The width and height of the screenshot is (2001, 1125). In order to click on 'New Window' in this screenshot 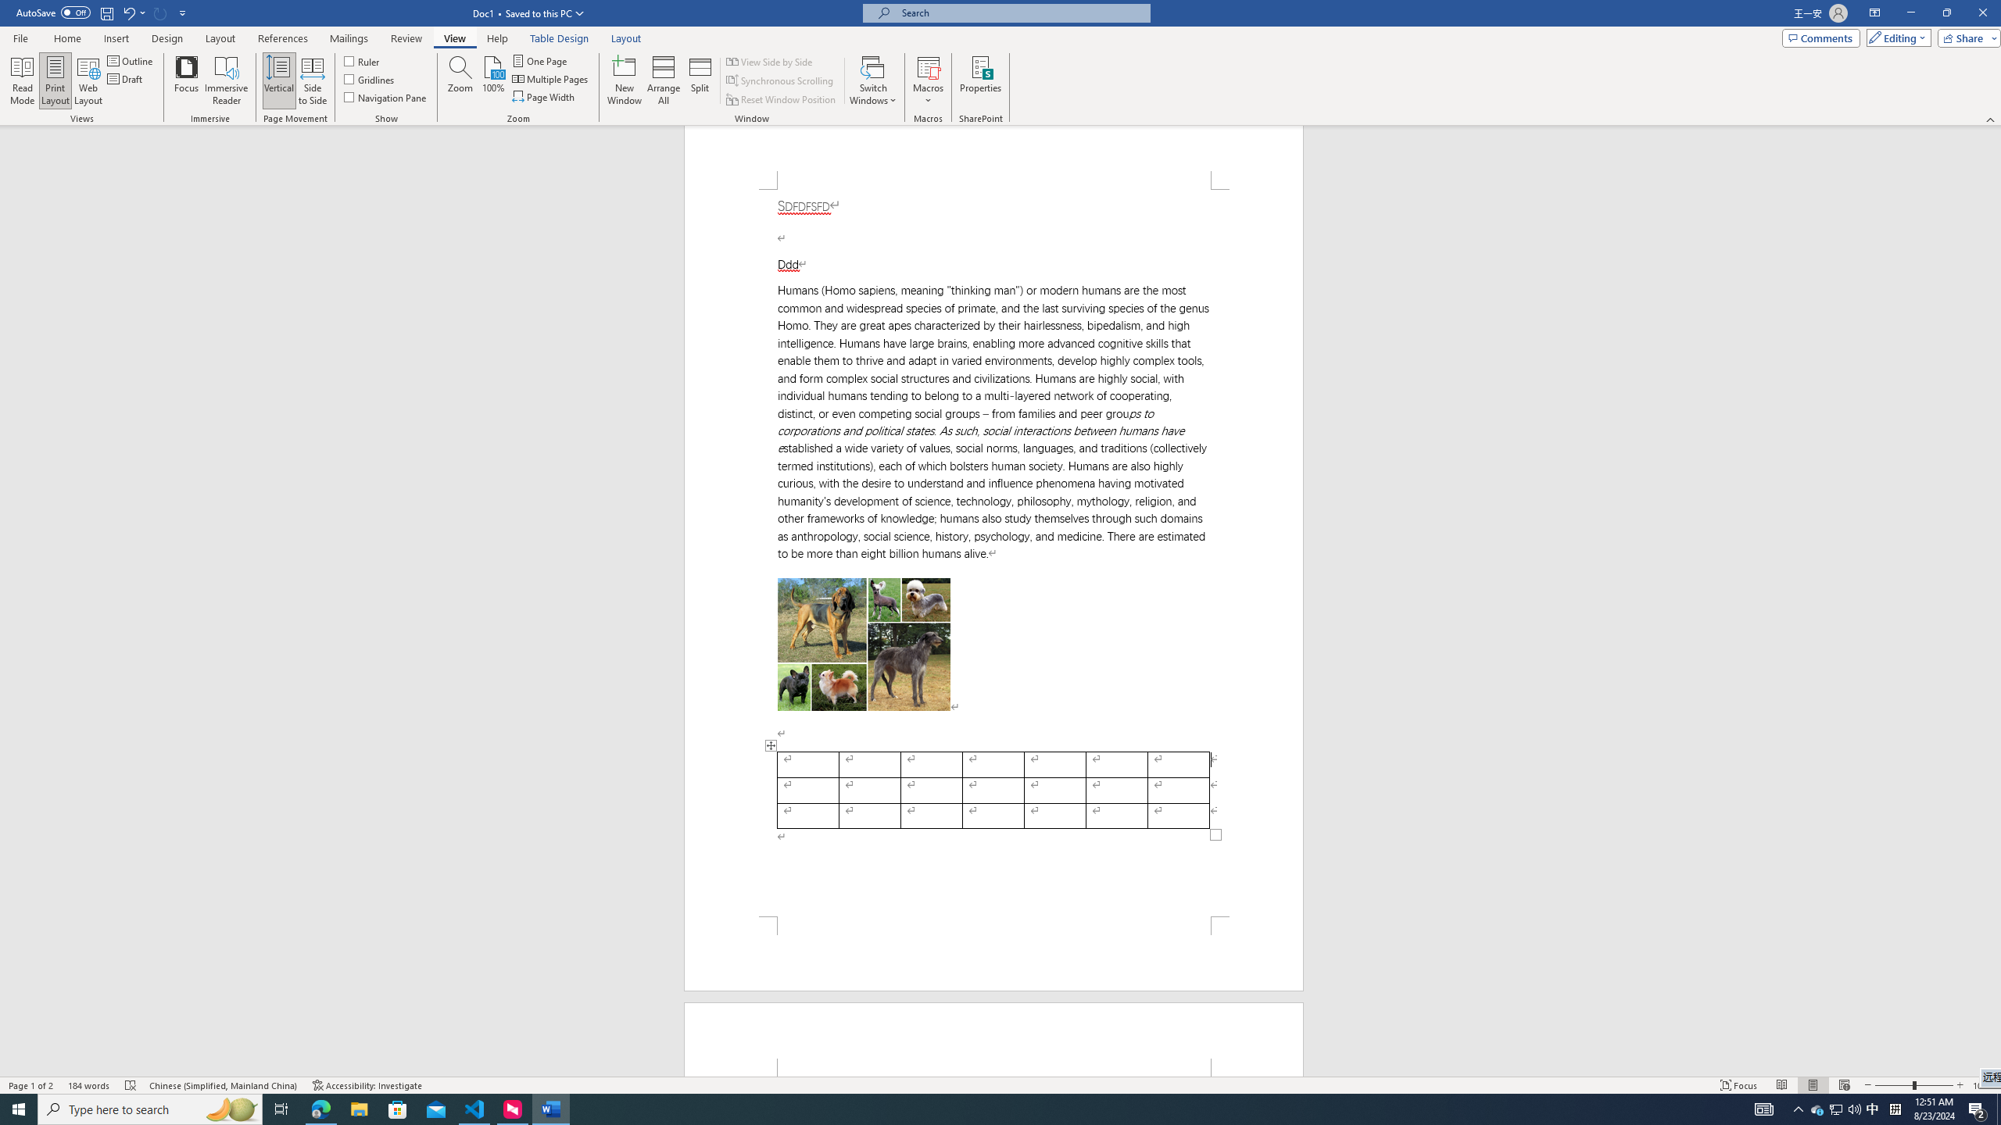, I will do `click(625, 80)`.